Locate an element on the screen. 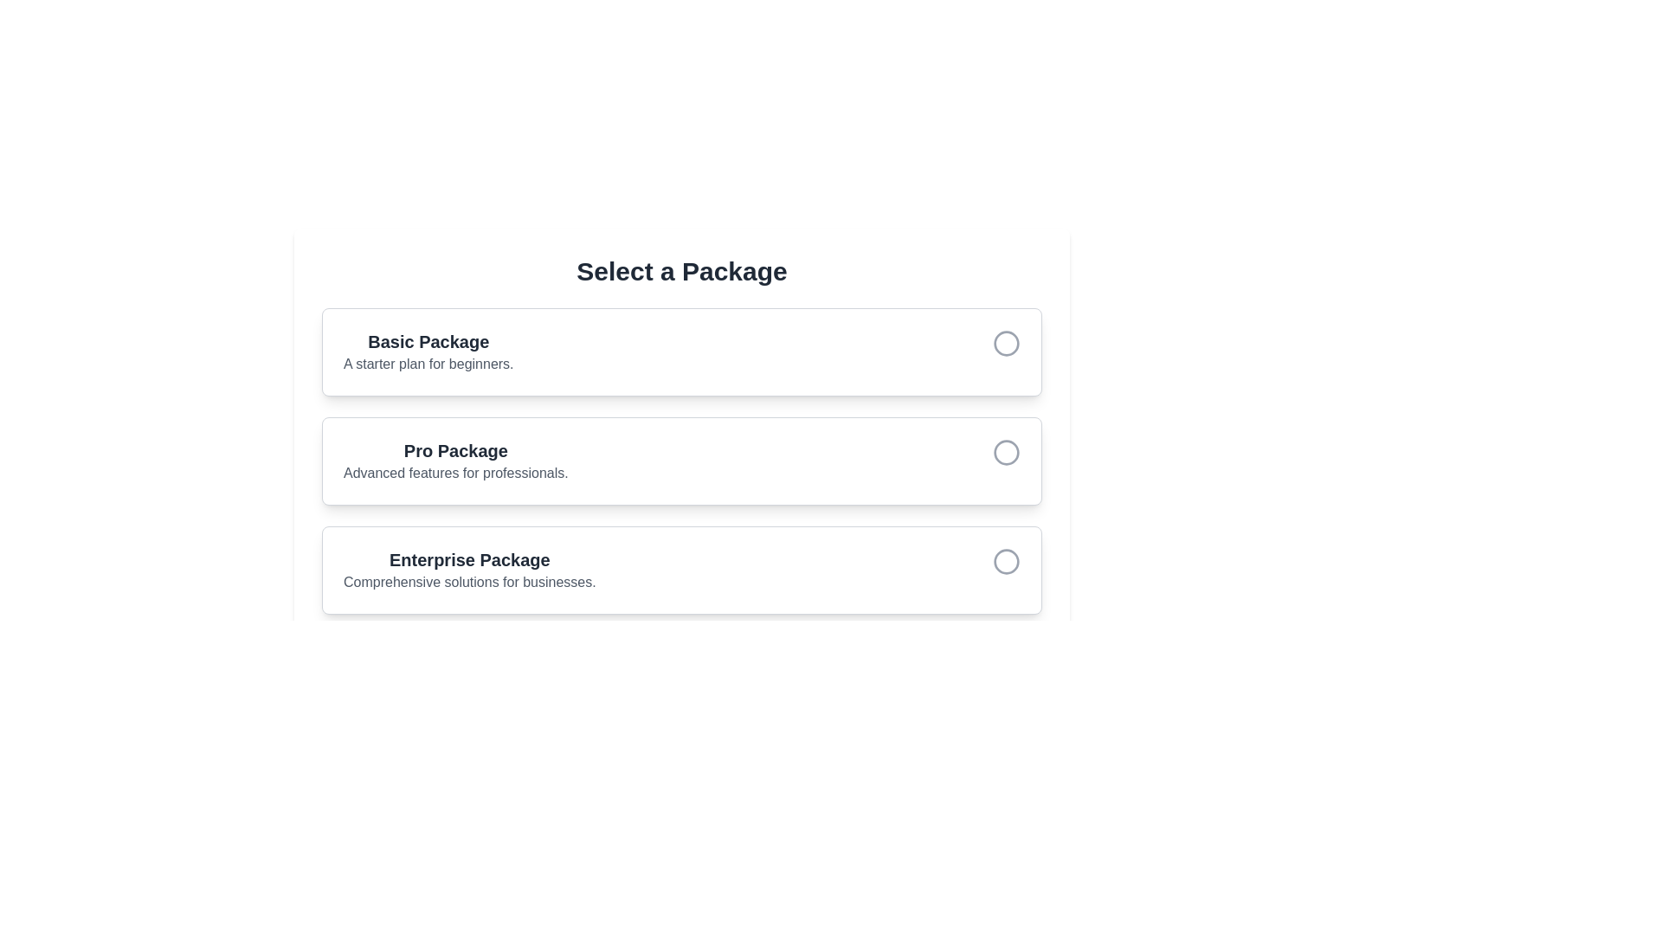 This screenshot has width=1662, height=935. the radio button indicator located at the top-right of the 'Basic Package' selection box is located at coordinates (1006, 344).